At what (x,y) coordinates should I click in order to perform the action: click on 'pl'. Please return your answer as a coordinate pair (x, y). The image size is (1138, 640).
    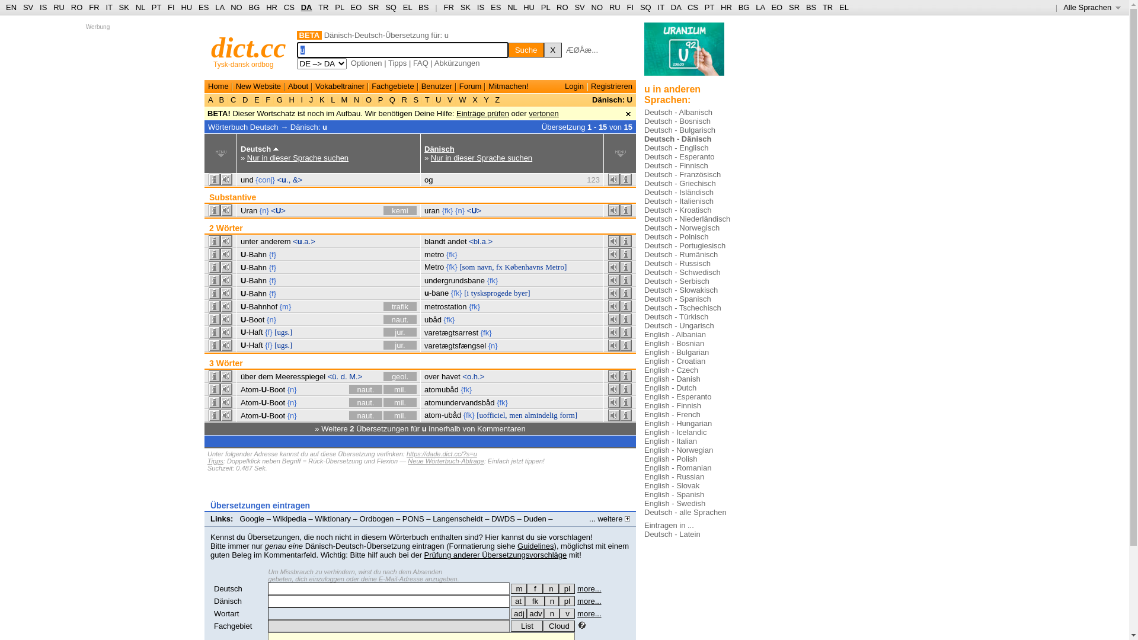
    Looking at the image, I should click on (566, 588).